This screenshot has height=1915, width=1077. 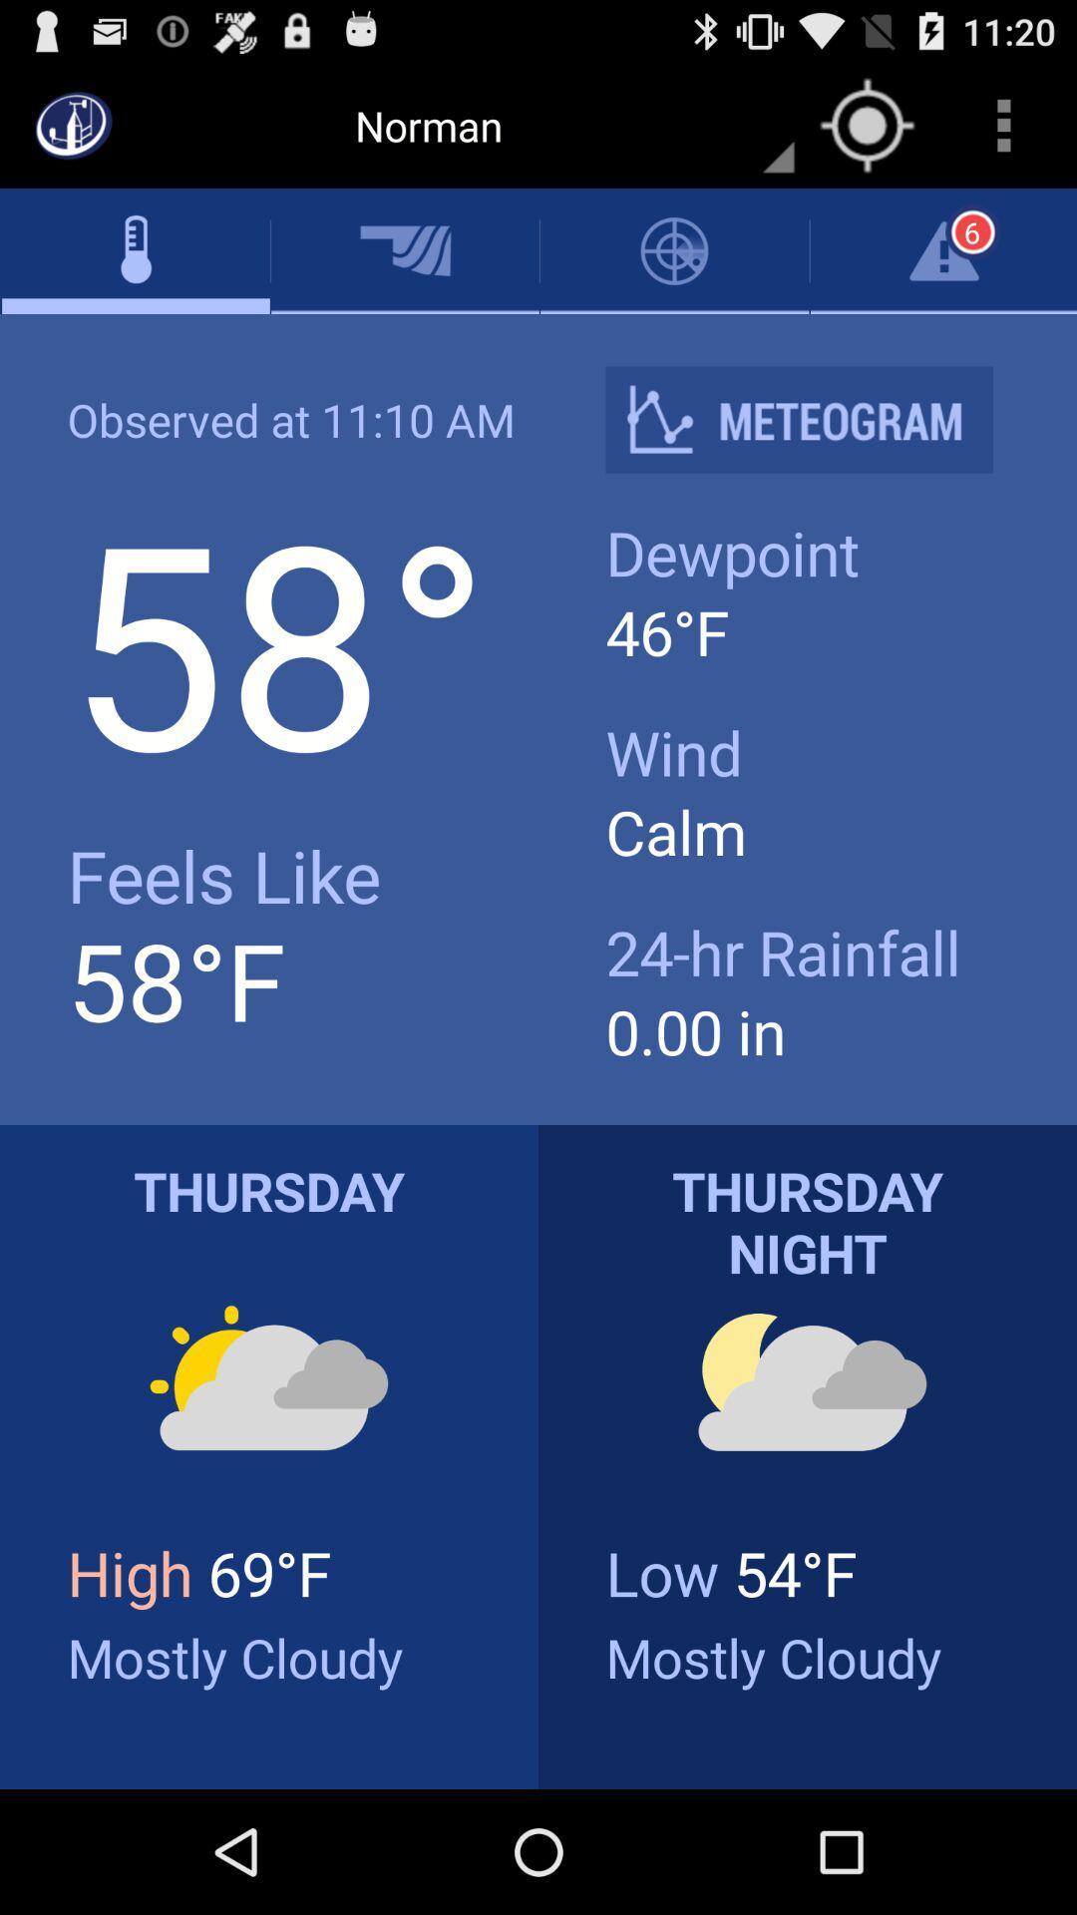 What do you see at coordinates (815, 419) in the screenshot?
I see `icon above dewpoint` at bounding box center [815, 419].